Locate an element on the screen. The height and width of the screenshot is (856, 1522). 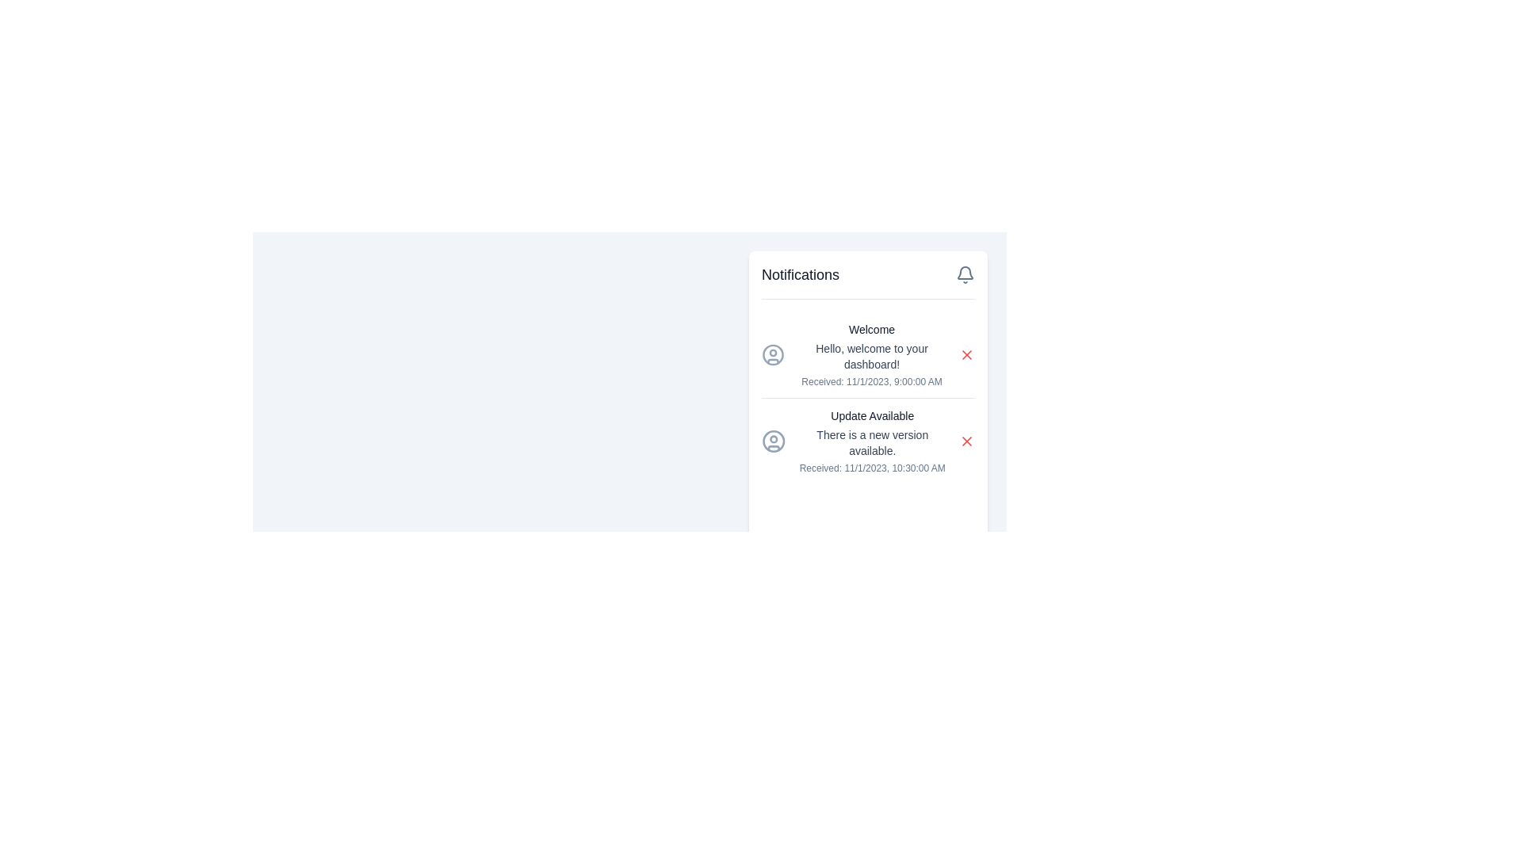
the text label providing additional information about the notification 'Update Available', which is located beneath the heading and above the timestamp in the notification card is located at coordinates (871, 443).